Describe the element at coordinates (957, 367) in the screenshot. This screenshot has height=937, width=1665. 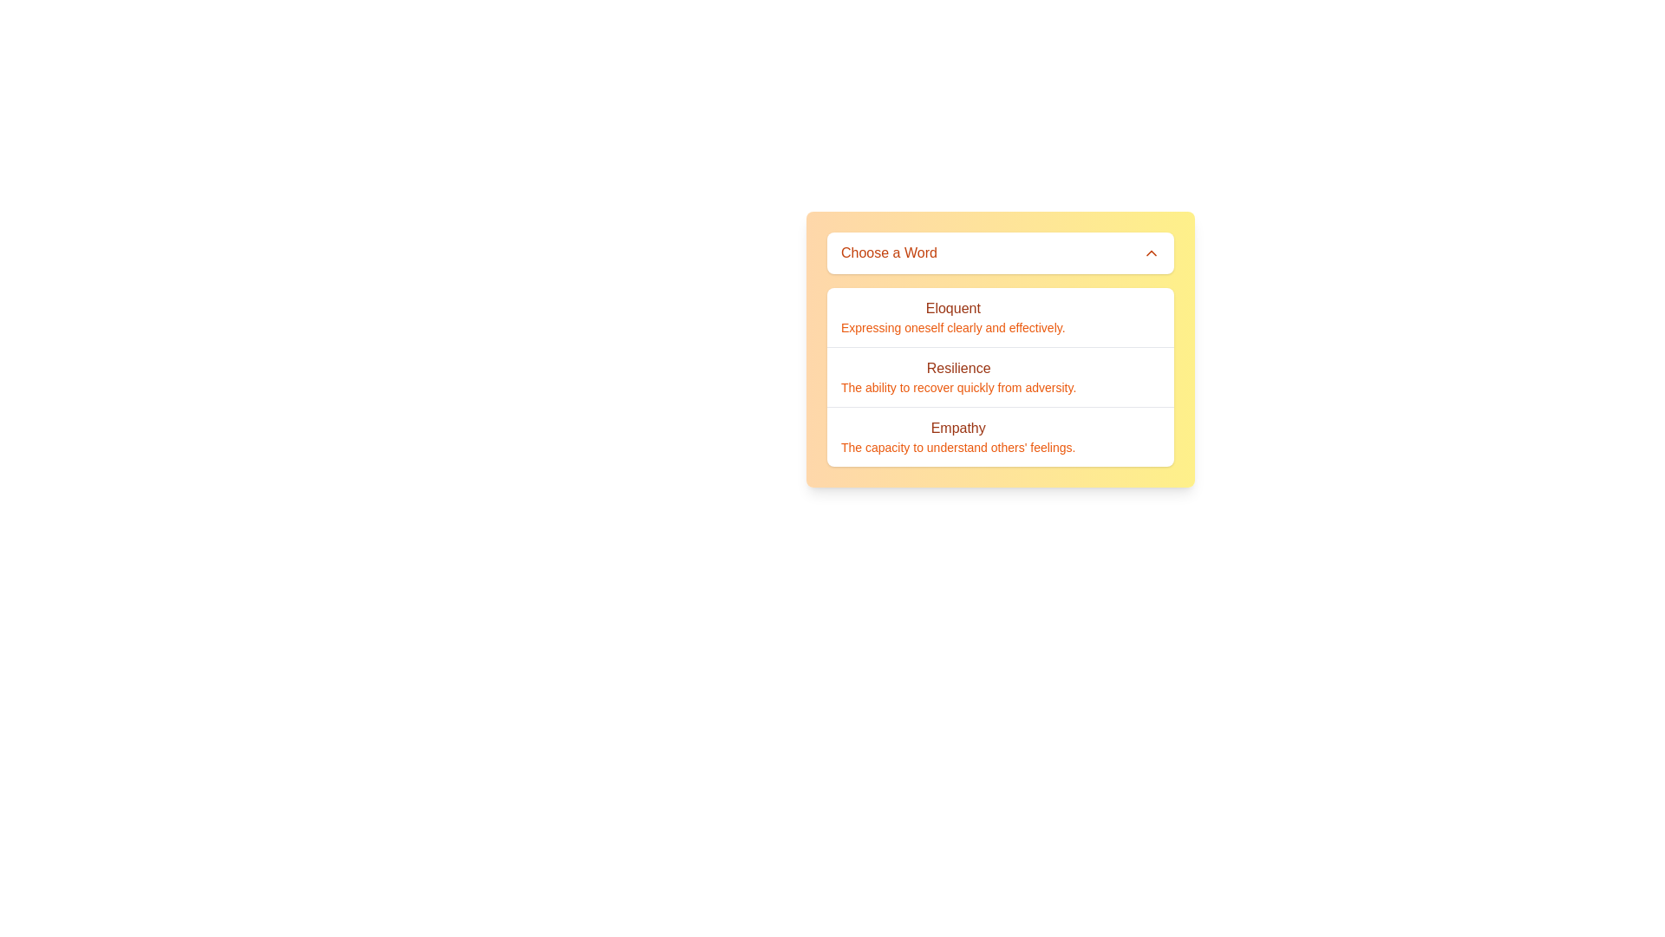
I see `the heading text 'Resilience' which serves as a title in the dropdown menu` at that location.